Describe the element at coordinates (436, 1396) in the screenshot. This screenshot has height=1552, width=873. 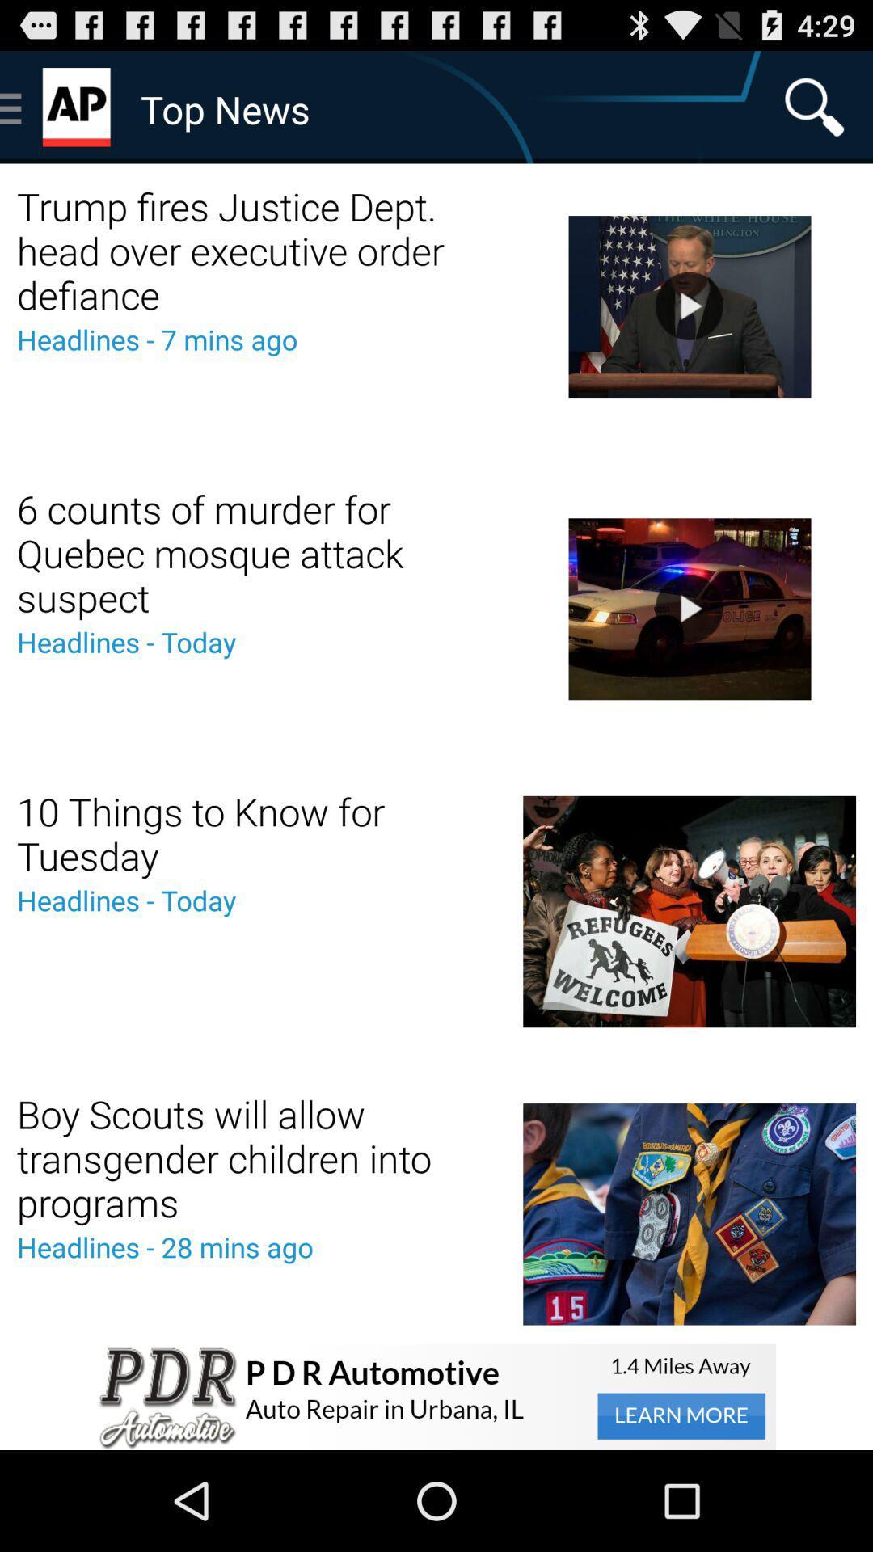
I see `open link to advertisement` at that location.